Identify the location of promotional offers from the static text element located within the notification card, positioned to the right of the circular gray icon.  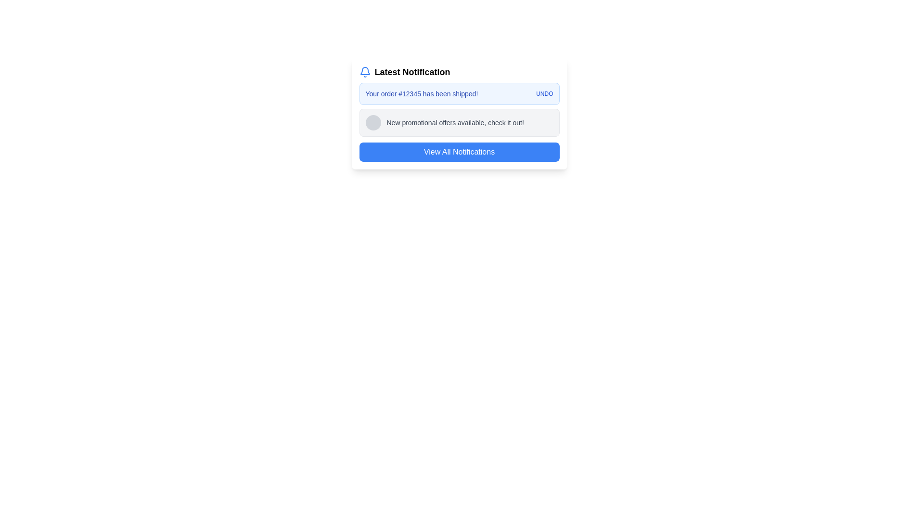
(455, 122).